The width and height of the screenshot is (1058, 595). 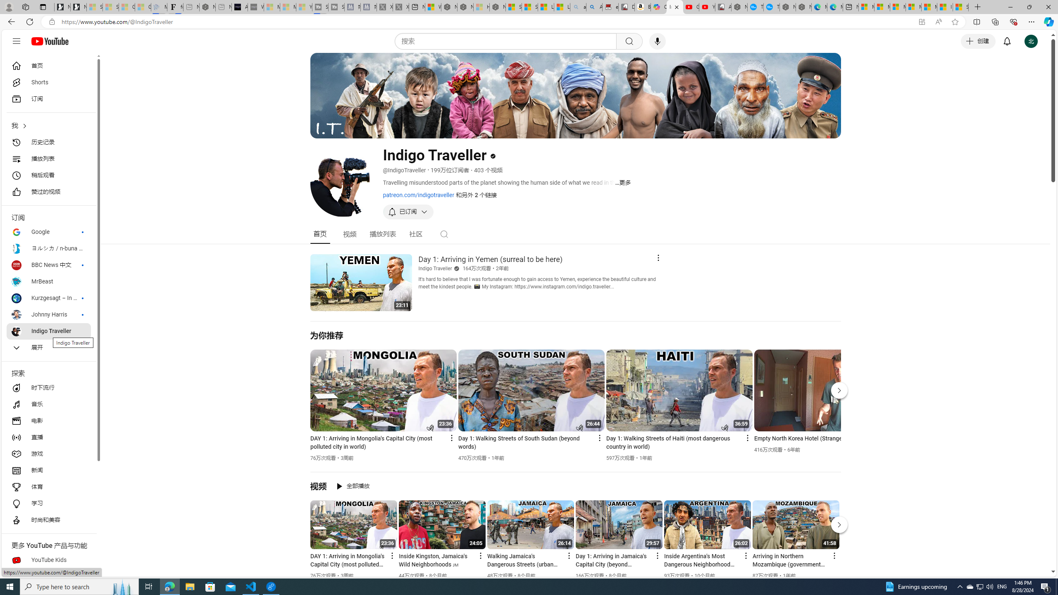 I want to click on 'Amazon Echo Dot PNG - Search Images', so click(x=594, y=7).